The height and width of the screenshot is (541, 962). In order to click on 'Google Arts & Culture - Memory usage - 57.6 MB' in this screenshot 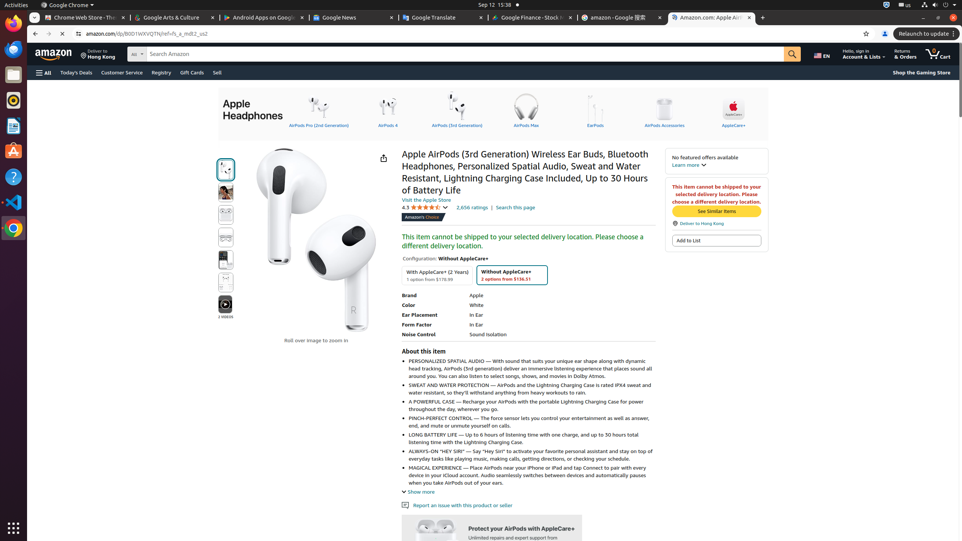, I will do `click(174, 17)`.